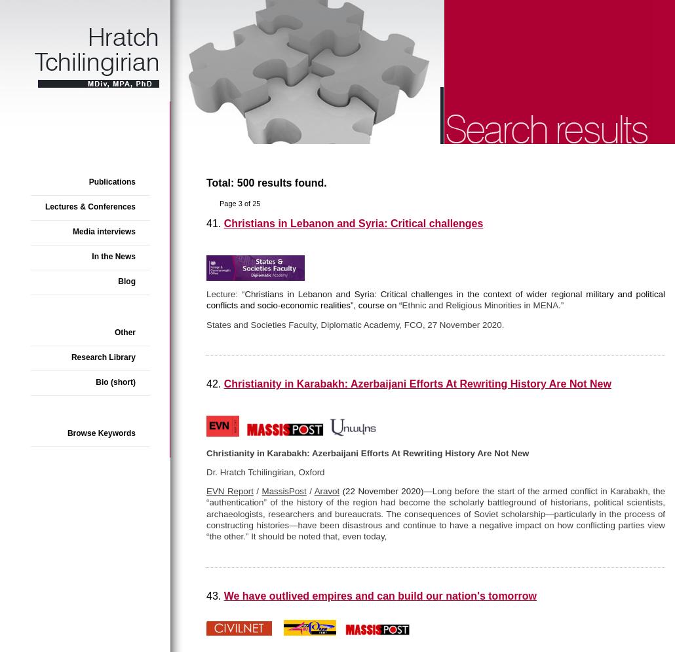 This screenshot has width=675, height=652. I want to click on 'Christians in Lebanon and Syria: Critical challenges', so click(353, 223).